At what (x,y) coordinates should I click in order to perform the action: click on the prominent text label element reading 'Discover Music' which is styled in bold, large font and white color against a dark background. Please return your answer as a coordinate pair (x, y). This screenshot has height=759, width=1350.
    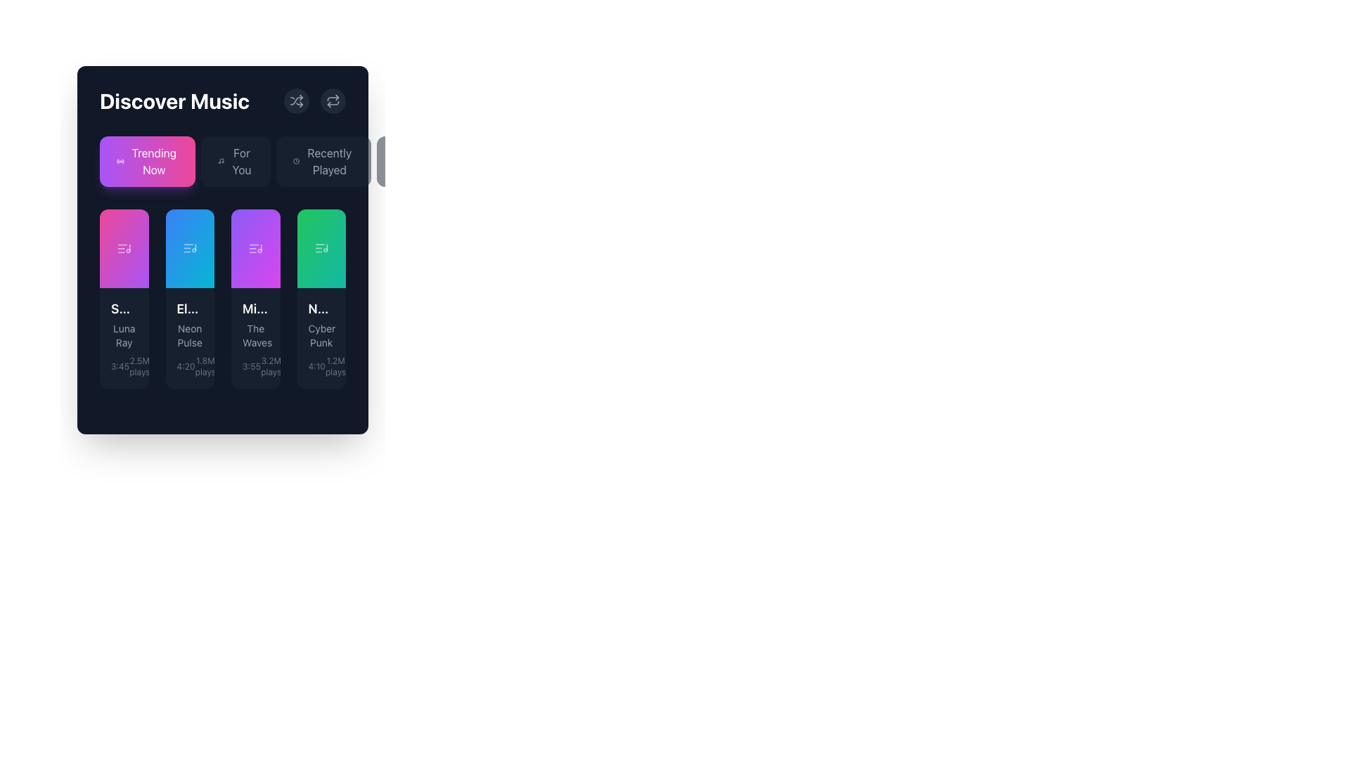
    Looking at the image, I should click on (174, 100).